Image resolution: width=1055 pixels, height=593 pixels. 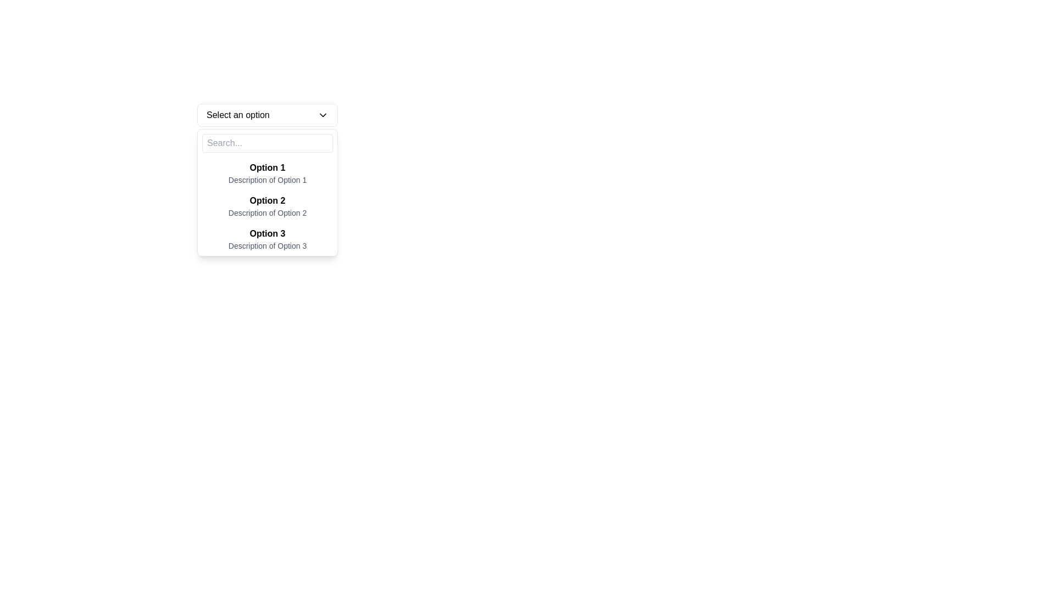 What do you see at coordinates (323, 115) in the screenshot?
I see `the chevron icon located on the right-hand side of the dropdown header, next to the 'Select an option' label` at bounding box center [323, 115].